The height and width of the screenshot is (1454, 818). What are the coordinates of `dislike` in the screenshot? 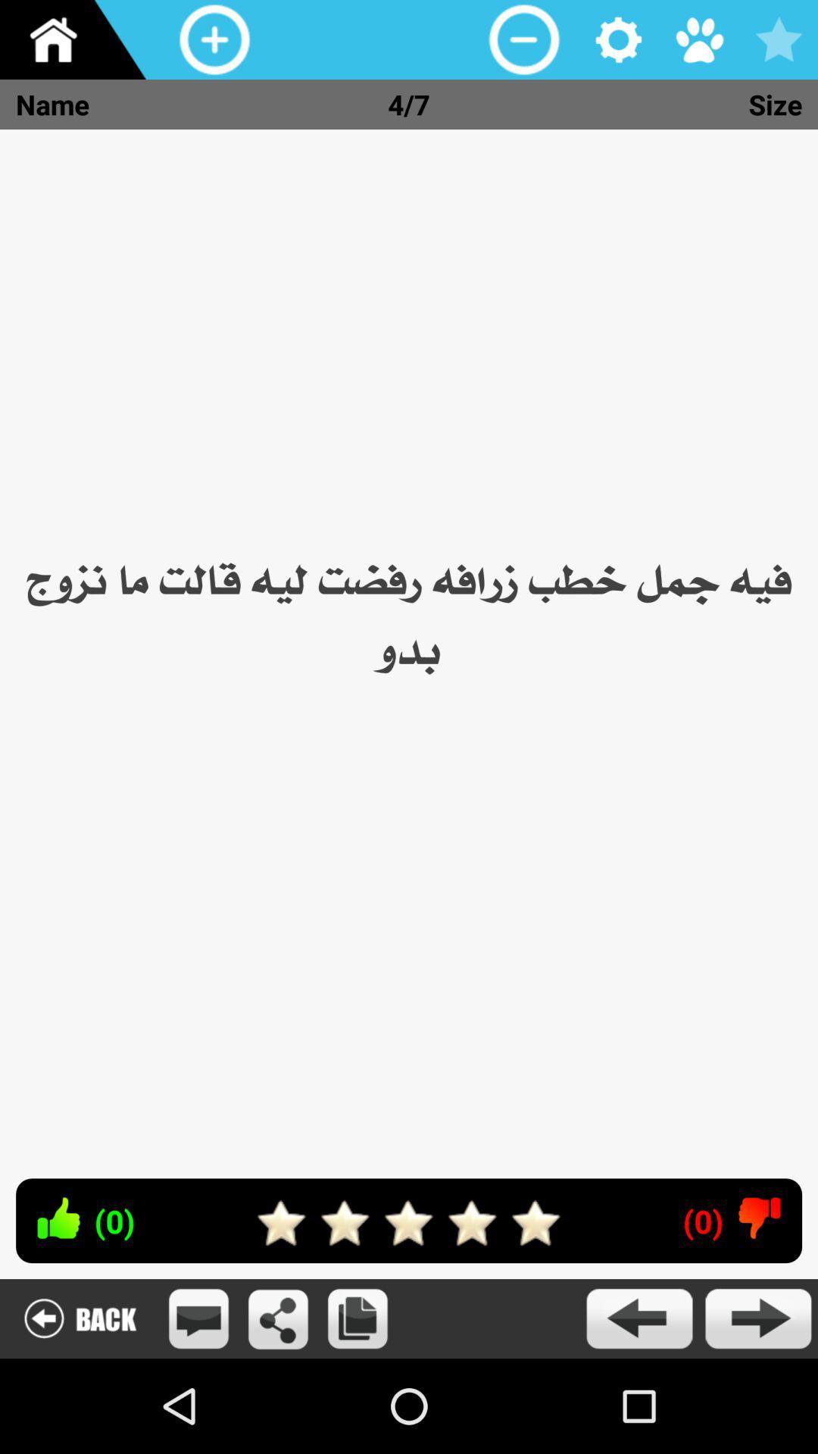 It's located at (760, 1218).